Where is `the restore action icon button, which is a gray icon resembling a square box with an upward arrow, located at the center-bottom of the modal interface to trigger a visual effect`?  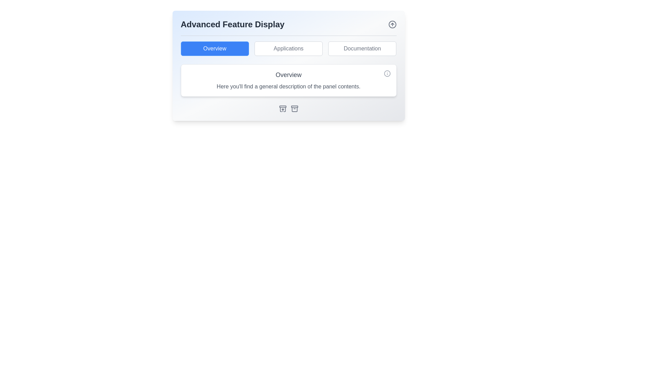 the restore action icon button, which is a gray icon resembling a square box with an upward arrow, located at the center-bottom of the modal interface to trigger a visual effect is located at coordinates (283, 109).